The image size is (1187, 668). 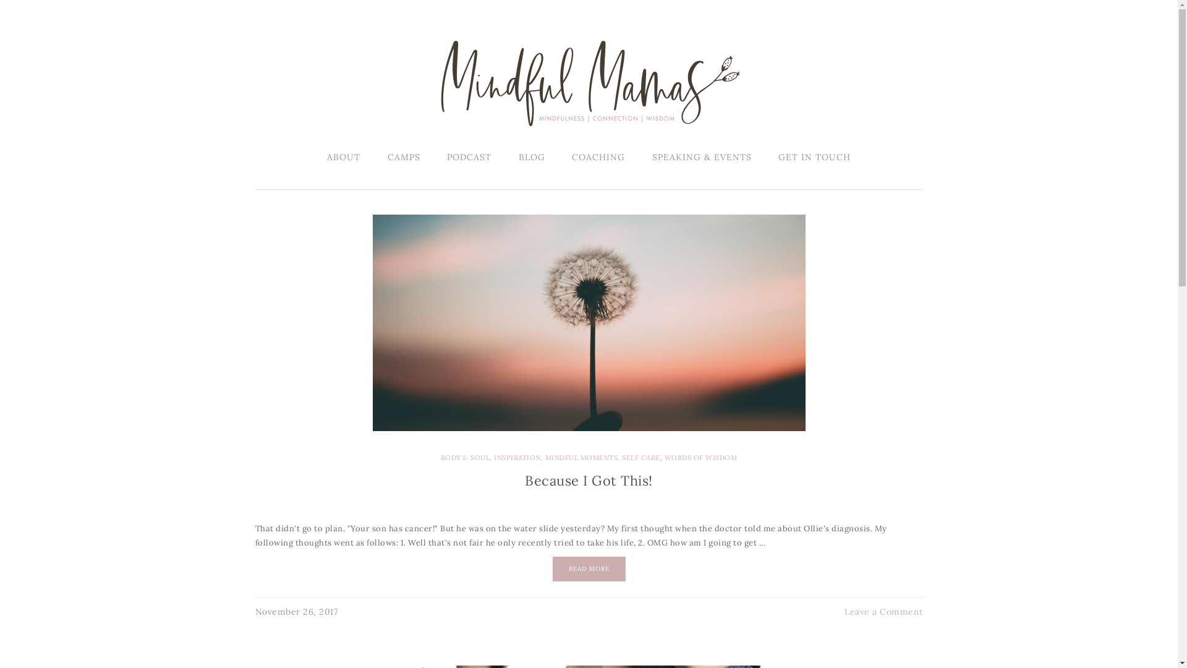 What do you see at coordinates (844, 610) in the screenshot?
I see `'Leave a Comment'` at bounding box center [844, 610].